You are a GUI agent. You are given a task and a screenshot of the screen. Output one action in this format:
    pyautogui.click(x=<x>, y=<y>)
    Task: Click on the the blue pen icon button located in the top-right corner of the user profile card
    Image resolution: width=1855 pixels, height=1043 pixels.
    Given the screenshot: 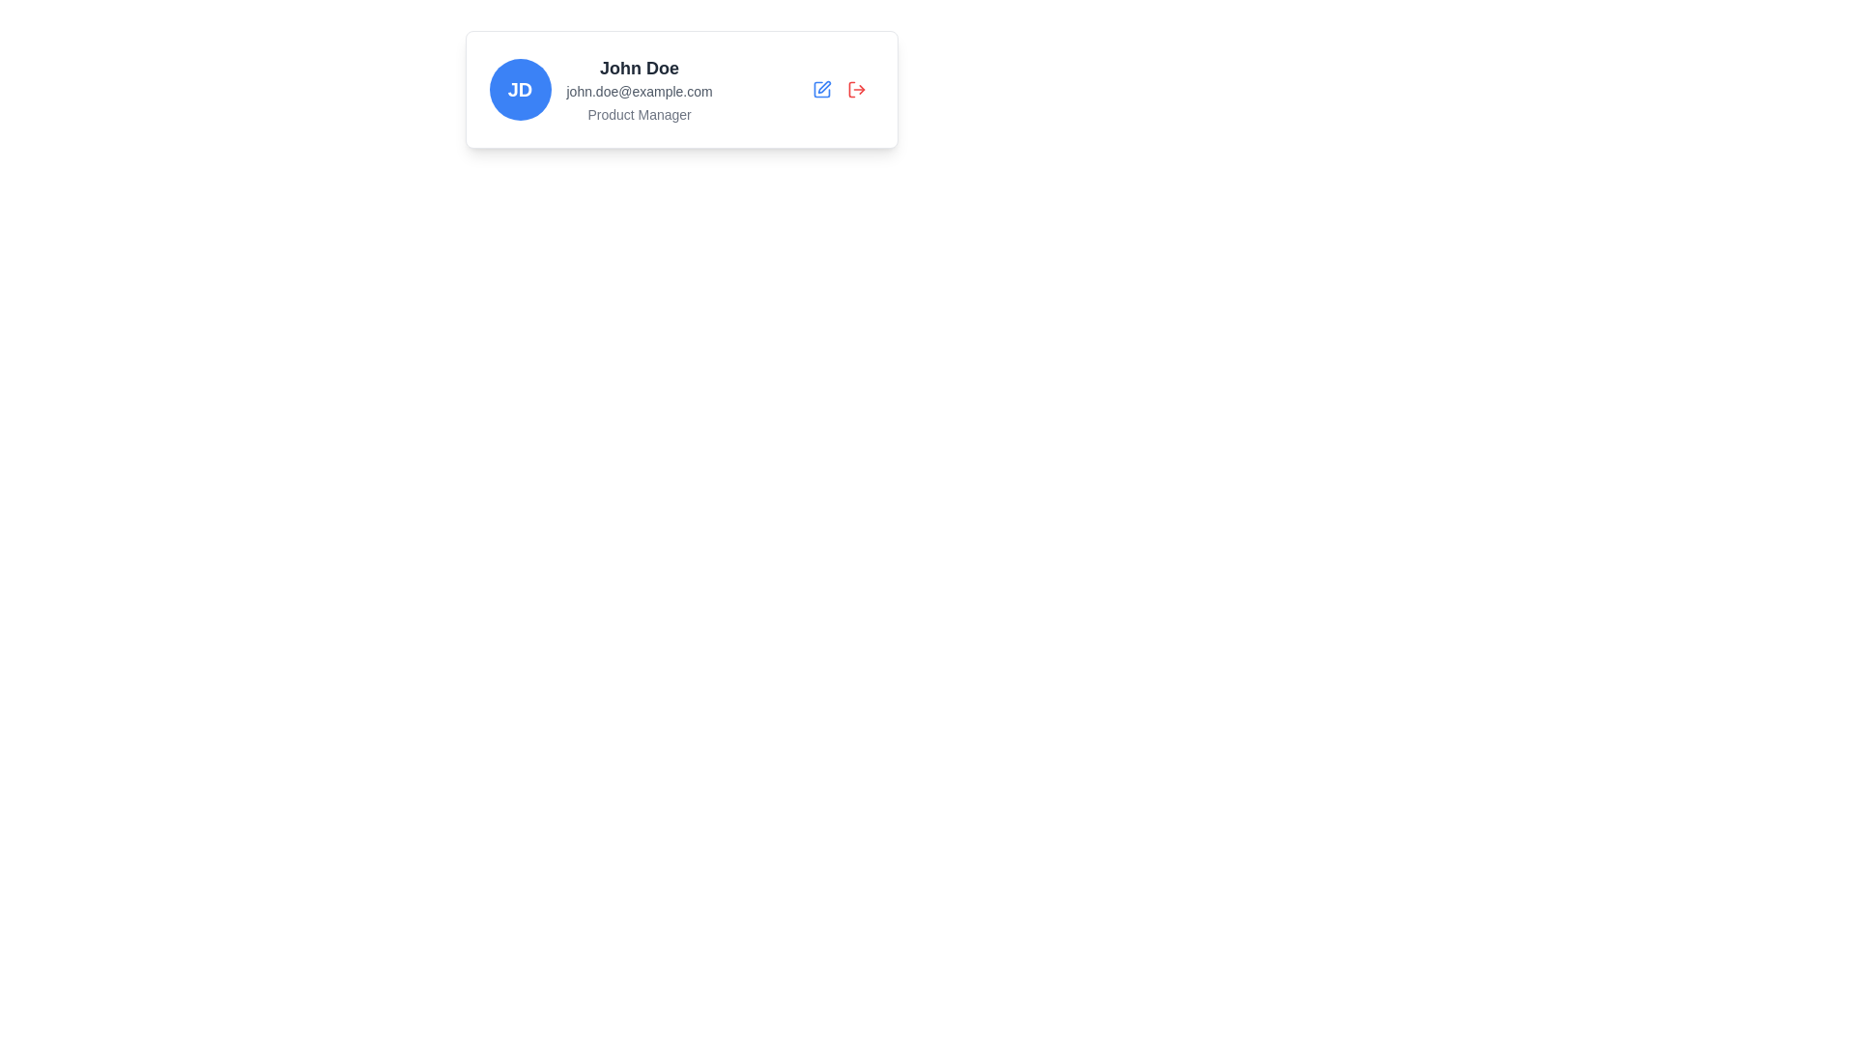 What is the action you would take?
    pyautogui.click(x=821, y=89)
    